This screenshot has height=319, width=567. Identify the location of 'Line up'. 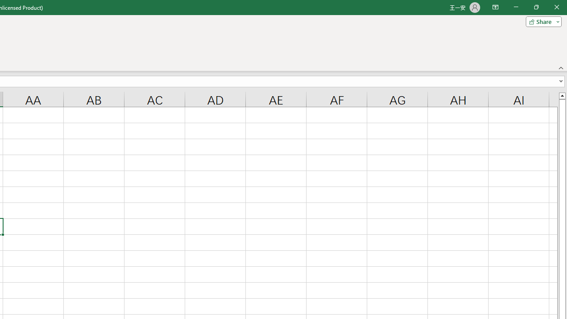
(562, 95).